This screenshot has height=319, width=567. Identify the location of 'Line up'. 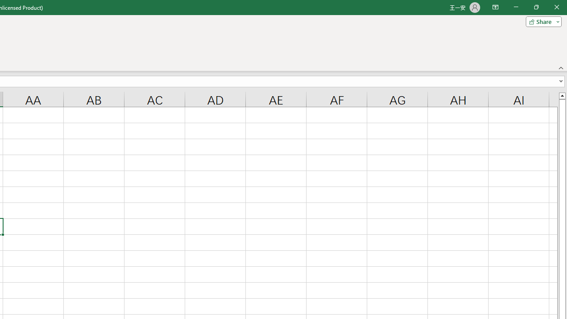
(562, 95).